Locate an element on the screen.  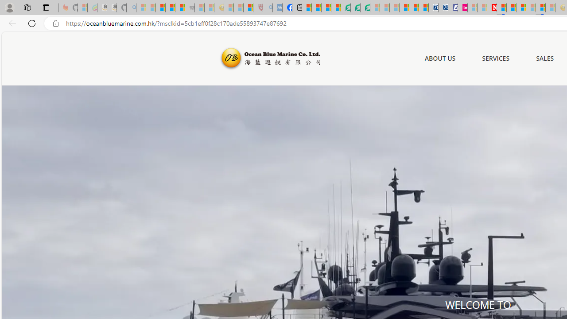
'Local - MSN' is located at coordinates (248, 8).